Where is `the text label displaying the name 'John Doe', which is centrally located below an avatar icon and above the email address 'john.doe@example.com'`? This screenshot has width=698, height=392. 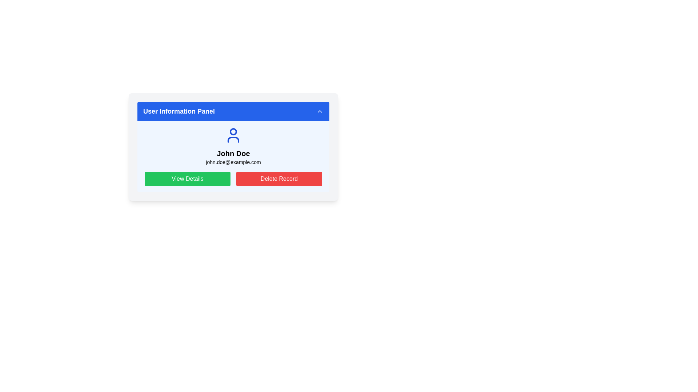
the text label displaying the name 'John Doe', which is centrally located below an avatar icon and above the email address 'john.doe@example.com' is located at coordinates (233, 153).